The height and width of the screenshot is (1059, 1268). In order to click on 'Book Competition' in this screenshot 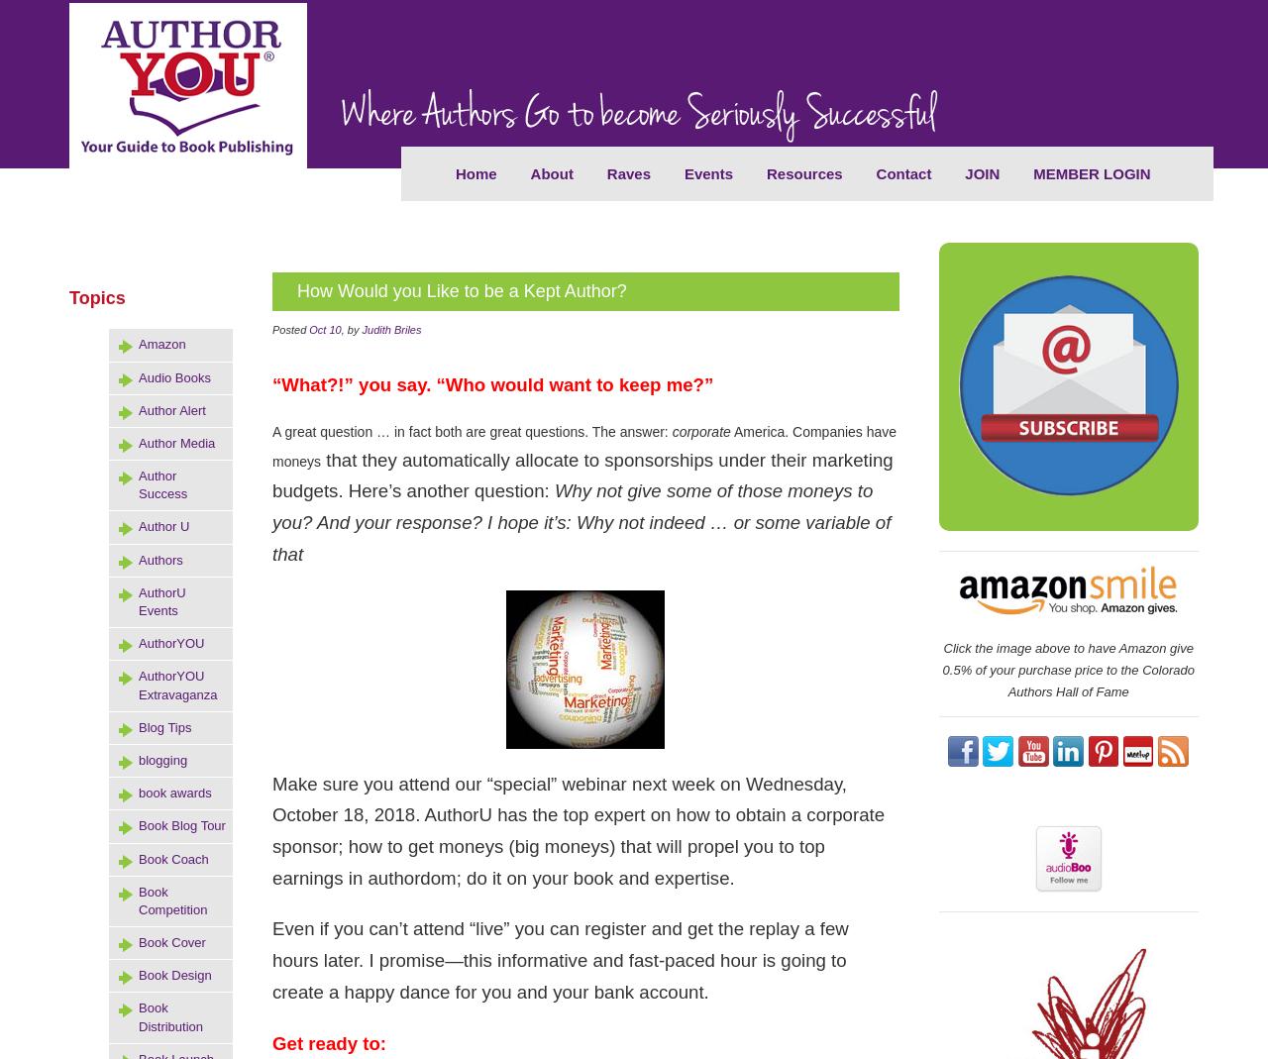, I will do `click(172, 899)`.